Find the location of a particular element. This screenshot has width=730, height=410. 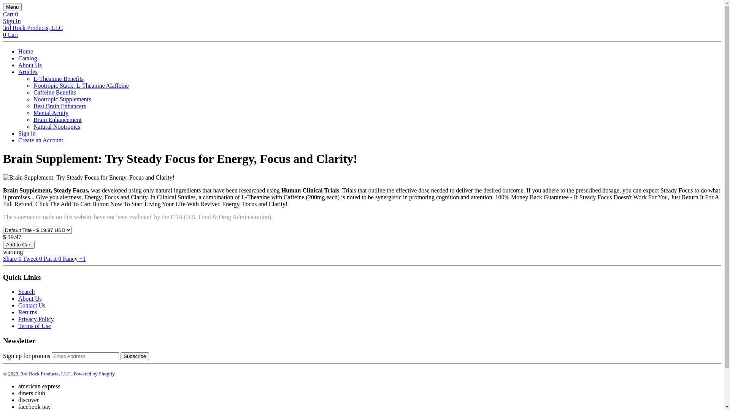

'About Us' is located at coordinates (30, 65).